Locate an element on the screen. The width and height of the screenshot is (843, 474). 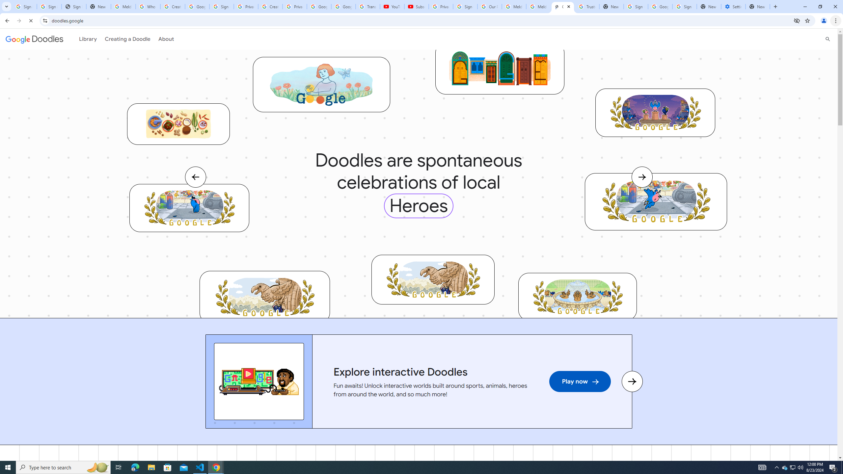
'Google doodles' is located at coordinates (34, 39).